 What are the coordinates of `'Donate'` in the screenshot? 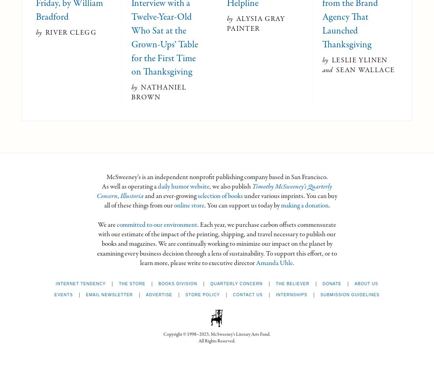 It's located at (322, 283).